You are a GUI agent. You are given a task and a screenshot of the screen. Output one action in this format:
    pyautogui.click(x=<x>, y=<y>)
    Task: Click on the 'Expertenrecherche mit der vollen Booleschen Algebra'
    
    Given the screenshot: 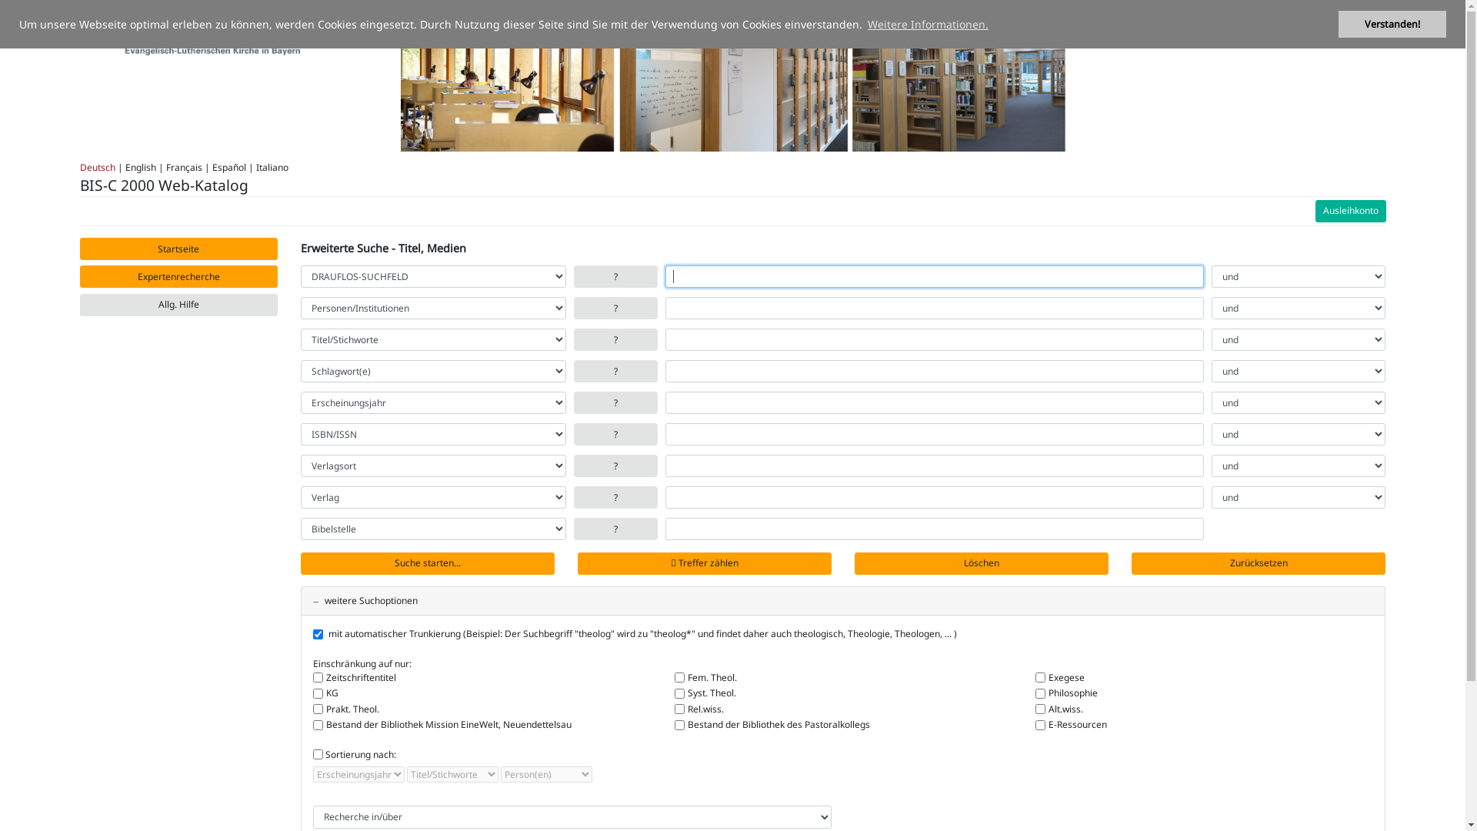 What is the action you would take?
    pyautogui.click(x=179, y=275)
    